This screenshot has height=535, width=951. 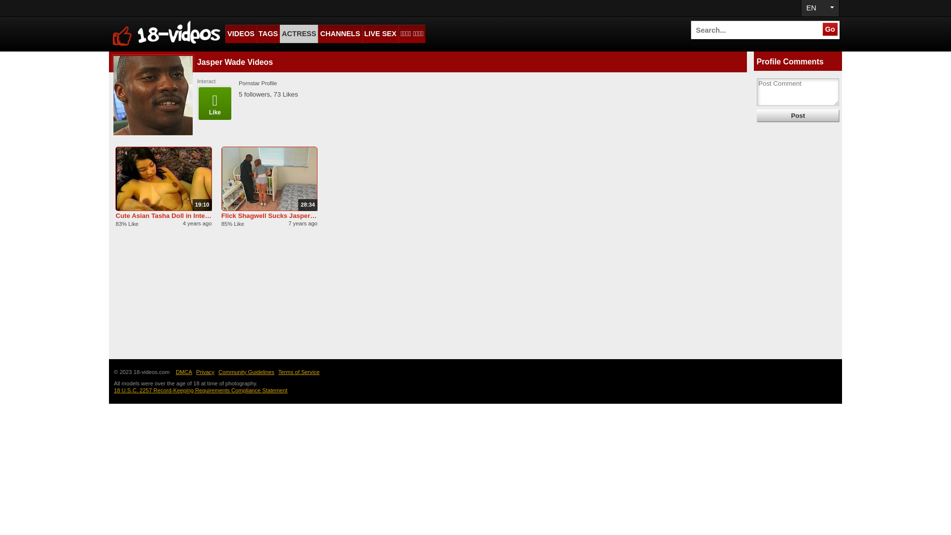 I want to click on 'EN', so click(x=801, y=8).